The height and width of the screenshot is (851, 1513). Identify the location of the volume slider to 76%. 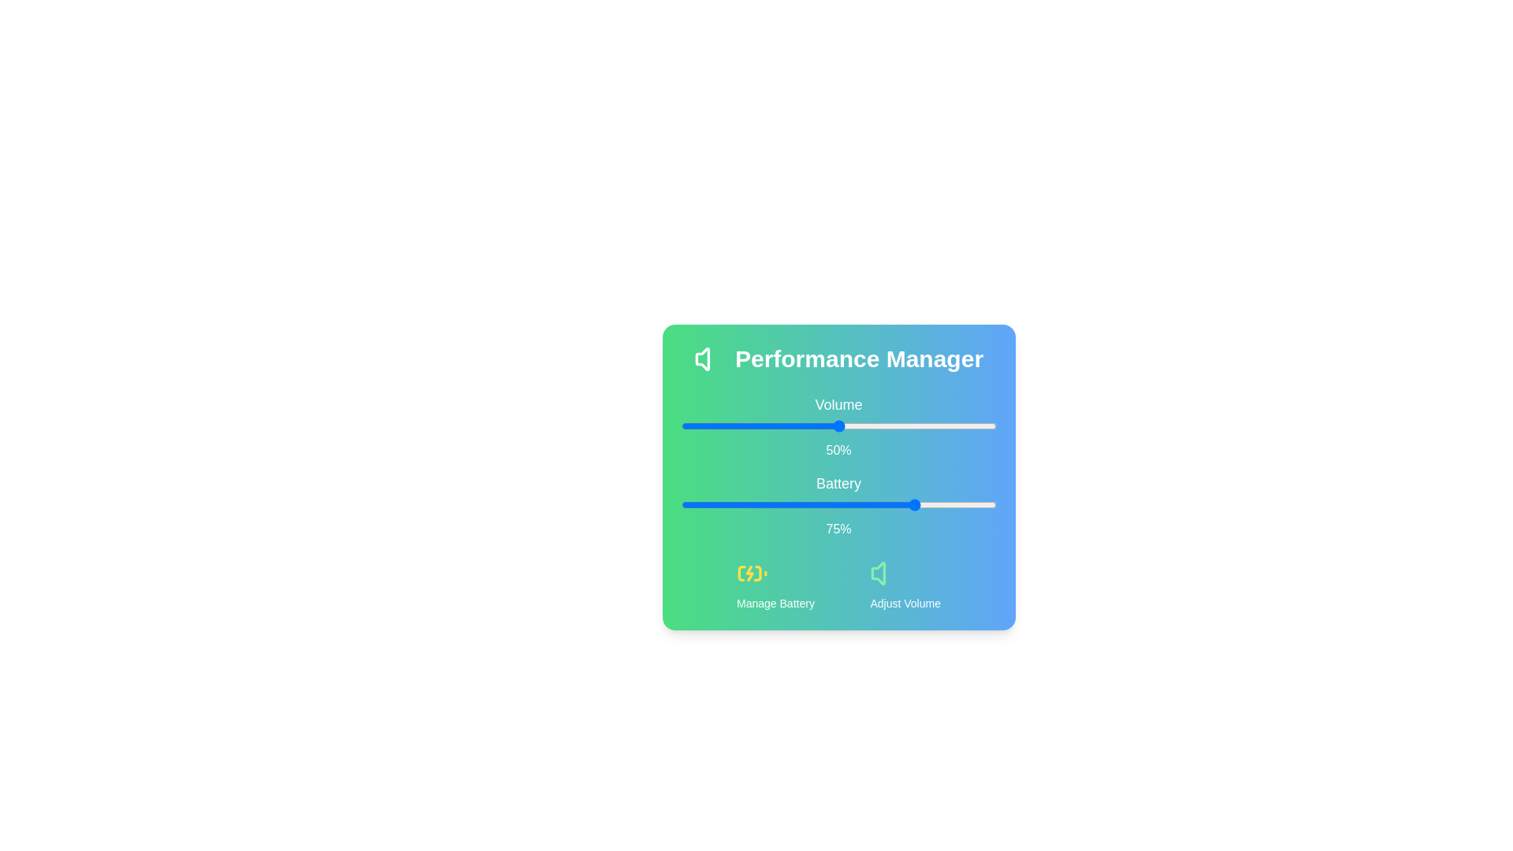
(920, 425).